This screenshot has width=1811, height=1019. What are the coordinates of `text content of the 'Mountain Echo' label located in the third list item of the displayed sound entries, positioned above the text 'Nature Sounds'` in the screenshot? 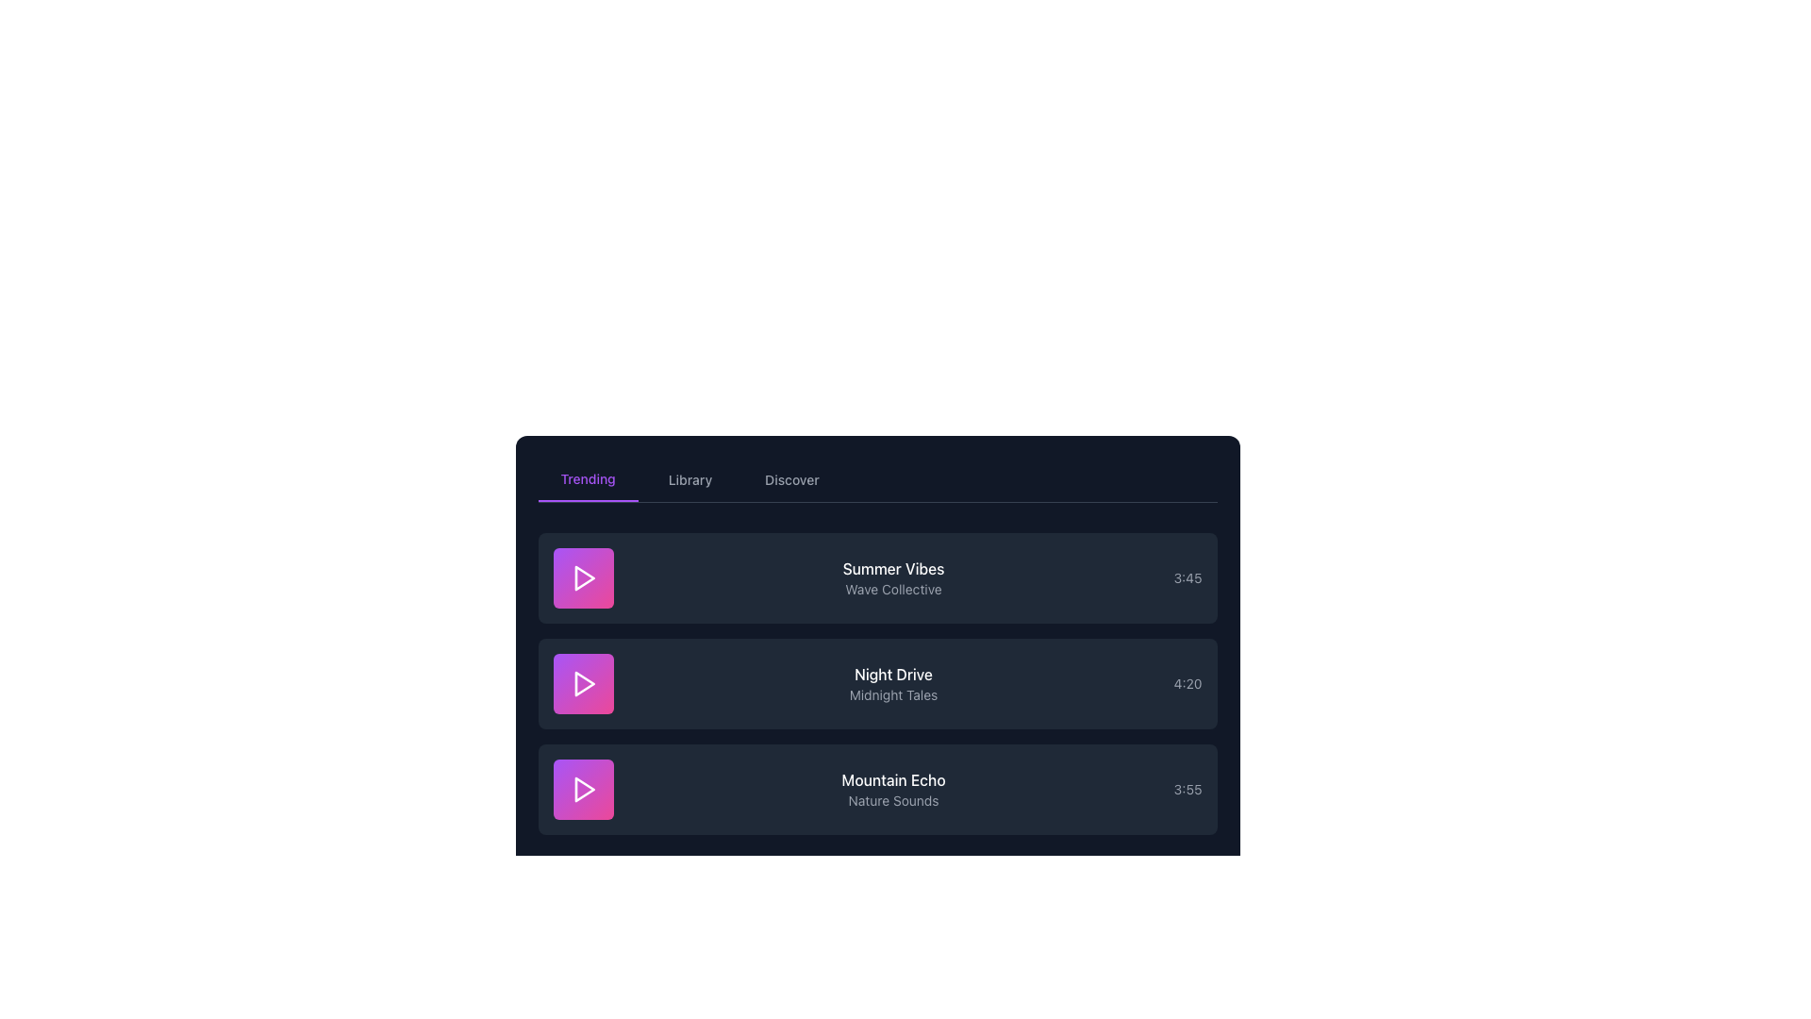 It's located at (892, 779).